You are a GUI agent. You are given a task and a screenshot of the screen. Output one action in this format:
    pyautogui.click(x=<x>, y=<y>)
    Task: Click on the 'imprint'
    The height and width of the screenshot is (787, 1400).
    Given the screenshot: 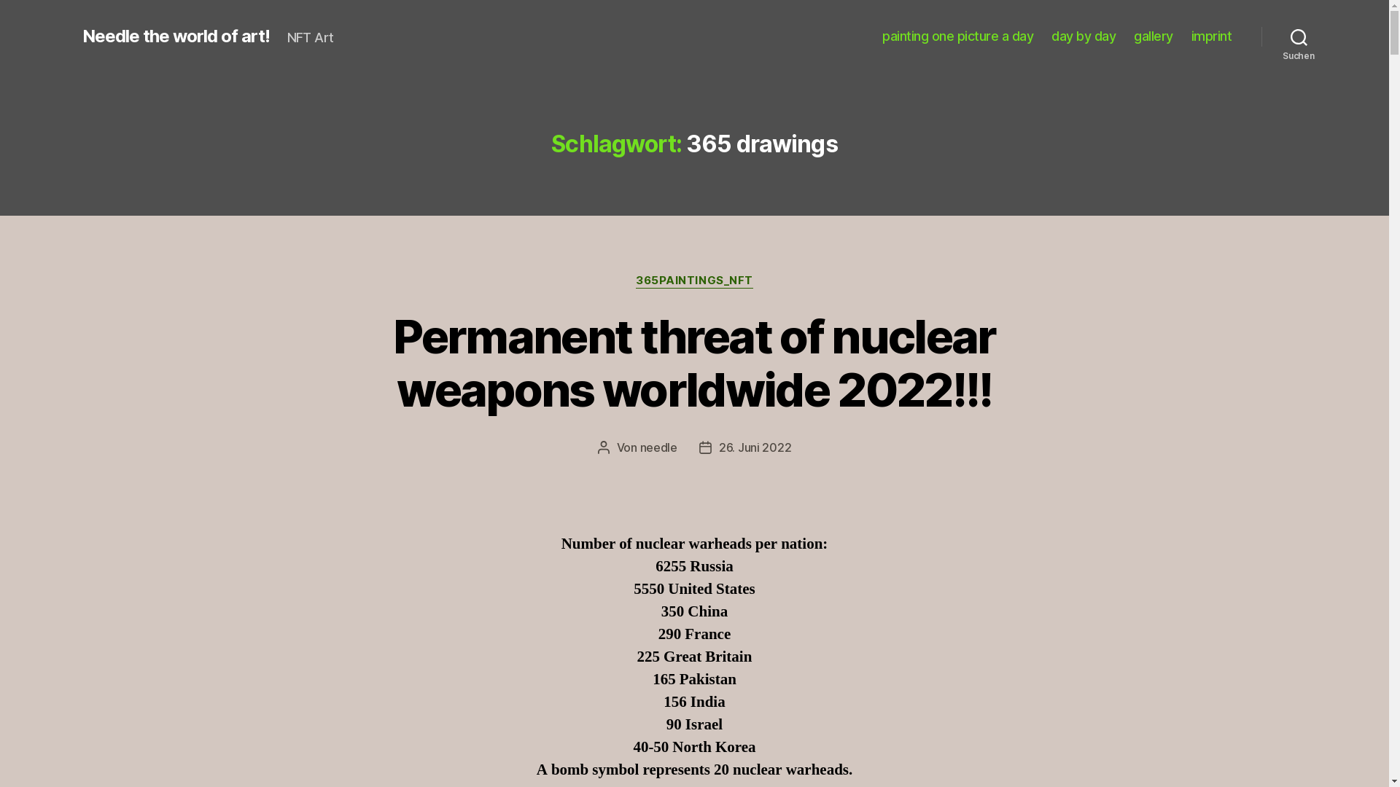 What is the action you would take?
    pyautogui.click(x=1211, y=36)
    